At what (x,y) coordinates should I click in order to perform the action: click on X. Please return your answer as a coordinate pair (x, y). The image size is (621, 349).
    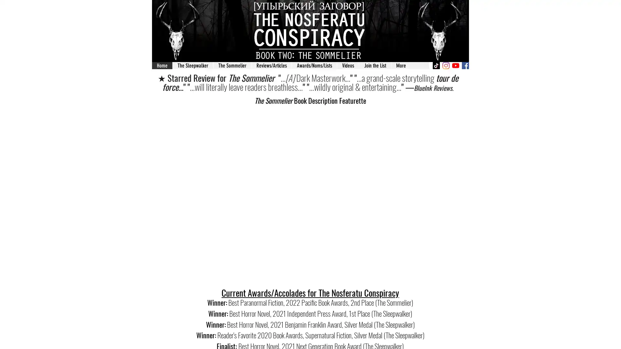
    Looking at the image, I should click on (395, 92).